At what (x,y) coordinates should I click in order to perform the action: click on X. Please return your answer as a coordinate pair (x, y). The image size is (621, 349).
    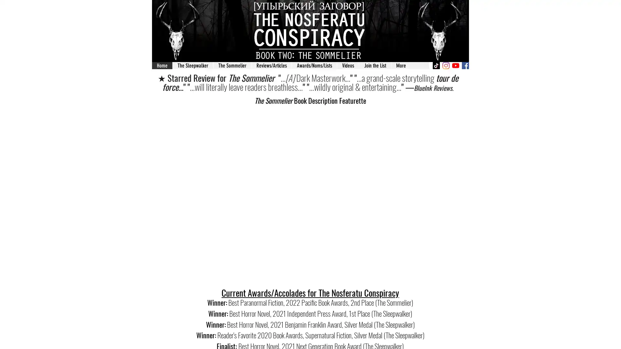
    Looking at the image, I should click on (395, 92).